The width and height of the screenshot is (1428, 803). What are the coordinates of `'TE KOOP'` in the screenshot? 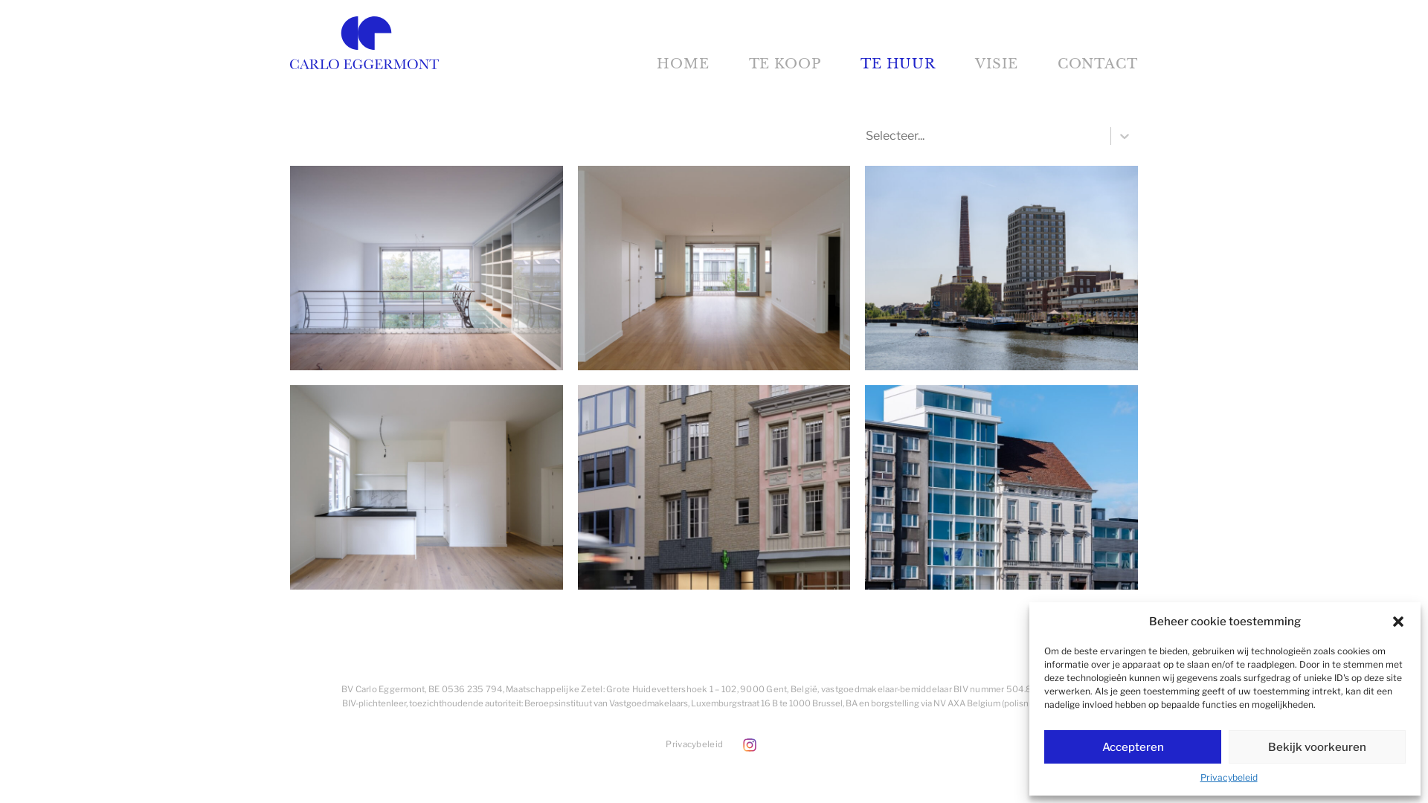 It's located at (784, 62).